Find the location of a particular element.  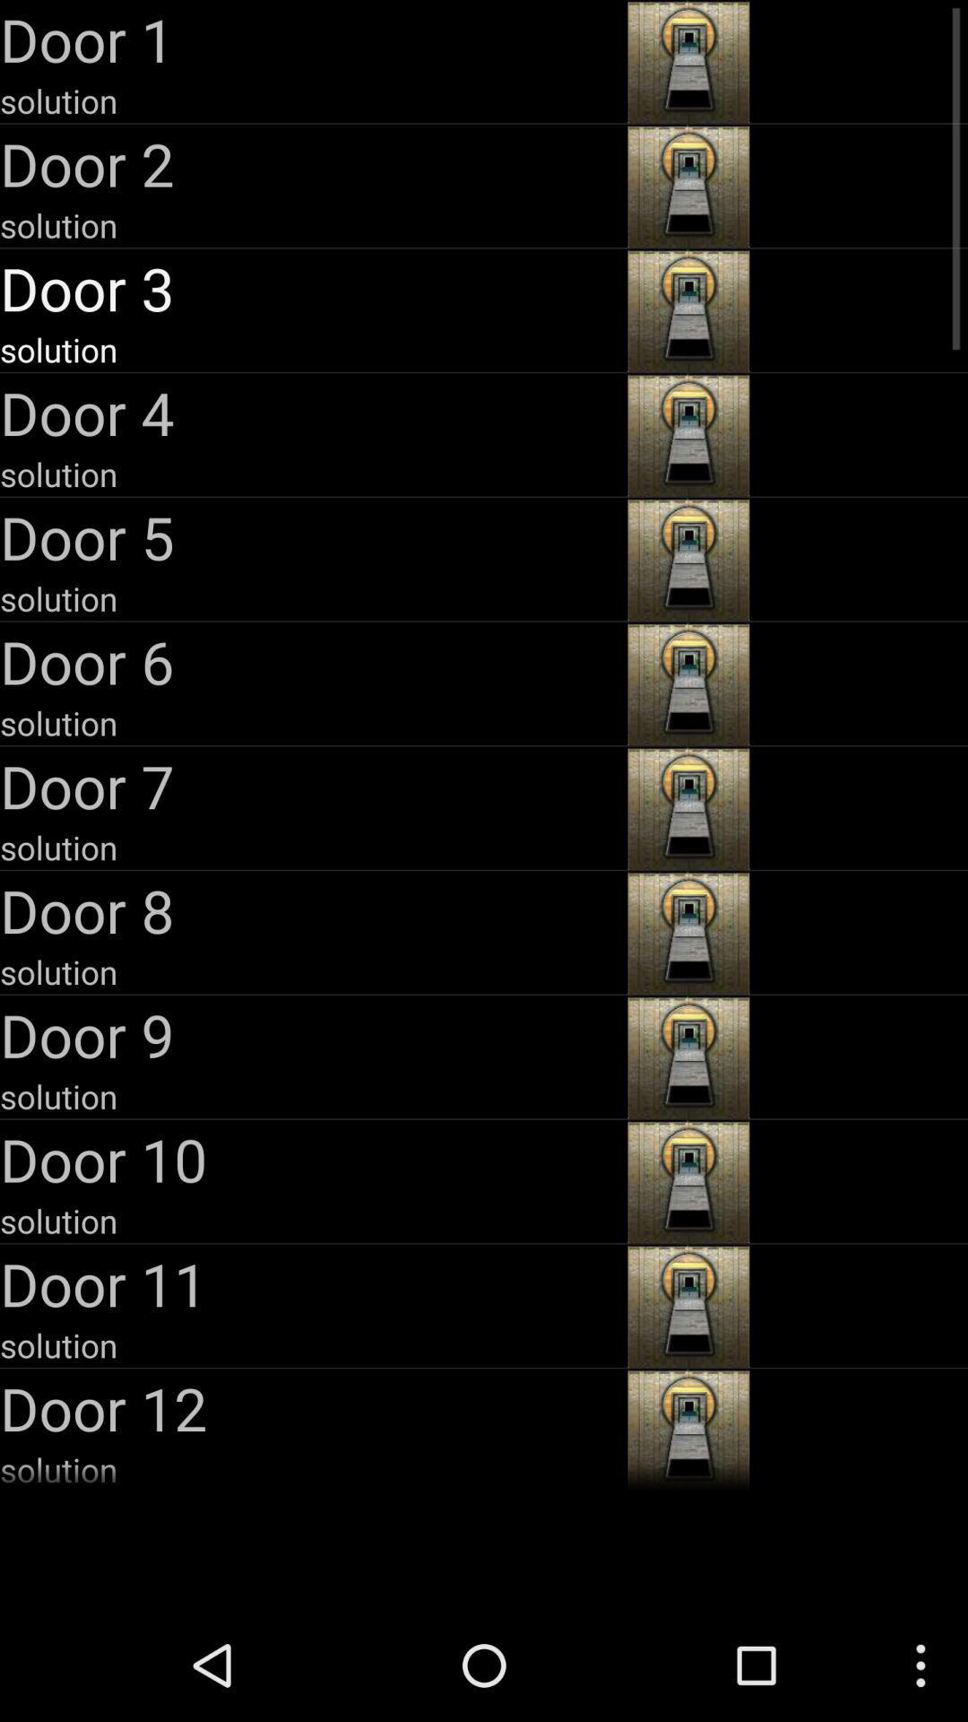

the door 6 app is located at coordinates (310, 660).